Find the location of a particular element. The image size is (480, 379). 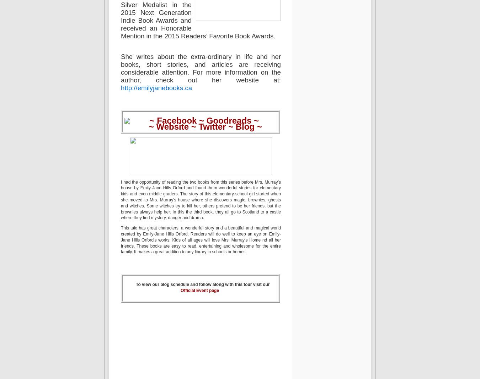

'To view our blog schedule and follow along with this tour visit our' is located at coordinates (202, 284).